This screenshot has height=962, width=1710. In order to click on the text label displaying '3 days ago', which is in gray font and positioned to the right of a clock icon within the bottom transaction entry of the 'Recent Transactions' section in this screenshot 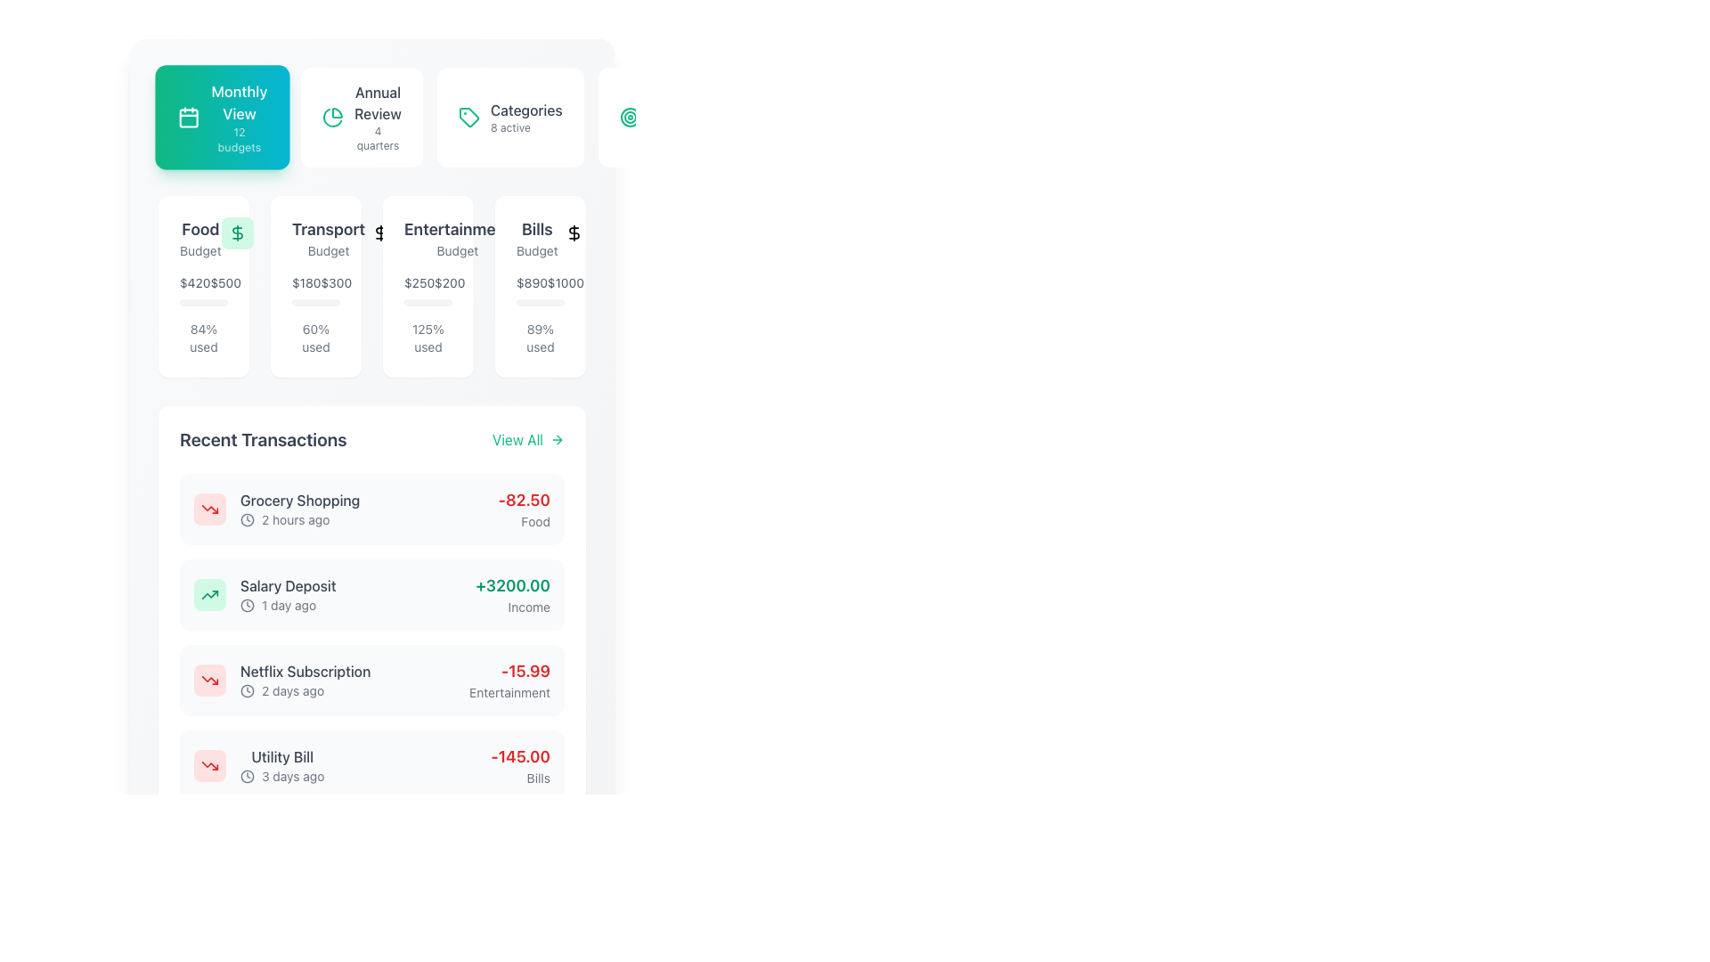, I will do `click(293, 775)`.